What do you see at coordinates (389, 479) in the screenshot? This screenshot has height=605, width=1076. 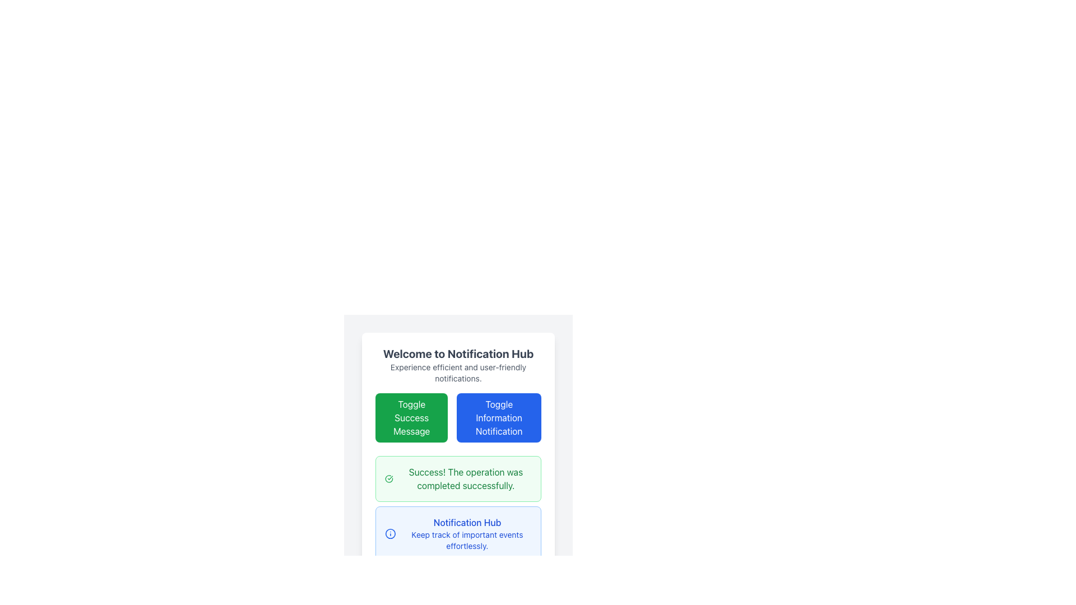 I see `the green circular icon with a checkmark located in the top-left corner of the notification banner that displays a success message` at bounding box center [389, 479].